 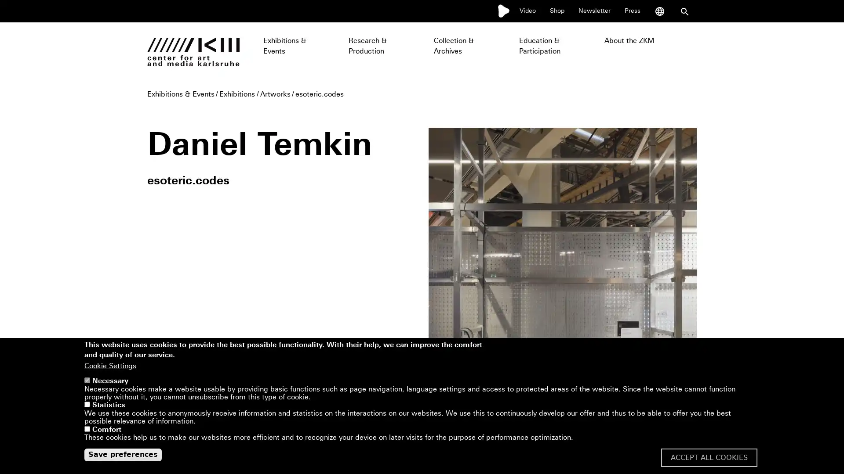 What do you see at coordinates (109, 366) in the screenshot?
I see `Cookie Settings` at bounding box center [109, 366].